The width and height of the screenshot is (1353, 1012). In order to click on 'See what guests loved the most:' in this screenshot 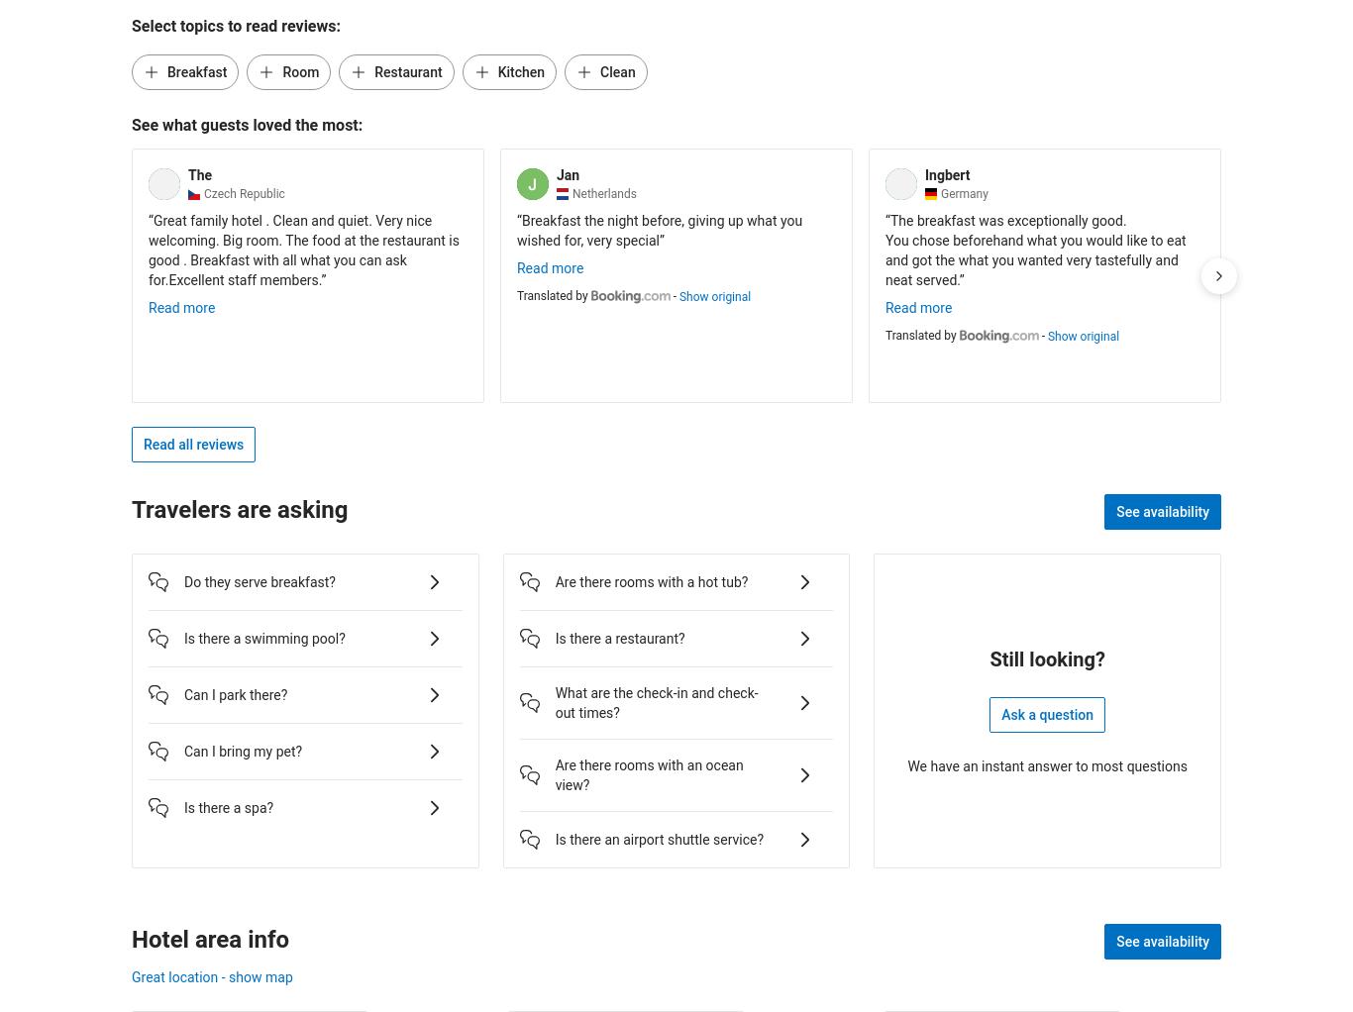, I will do `click(247, 124)`.